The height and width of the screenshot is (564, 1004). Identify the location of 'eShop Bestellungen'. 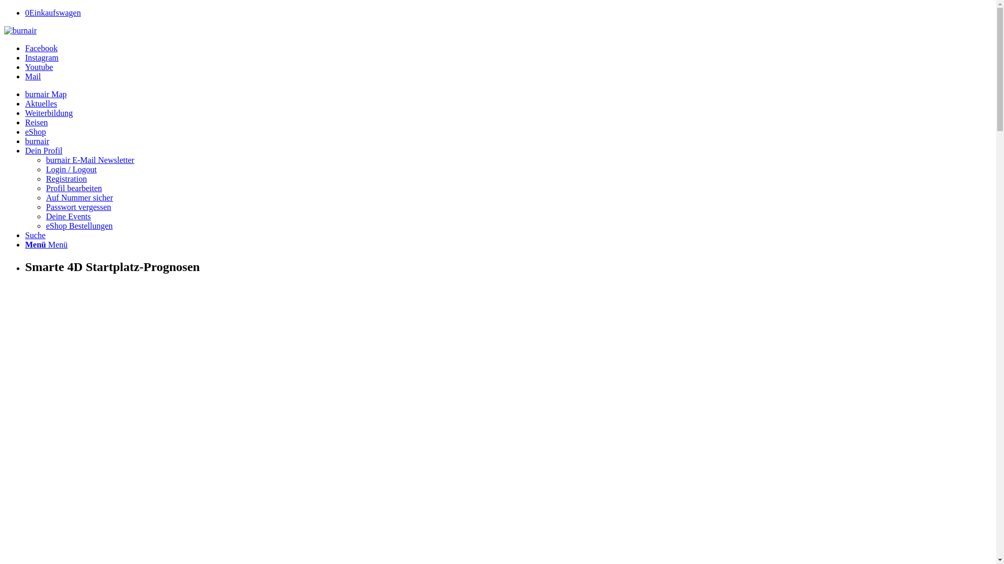
(79, 225).